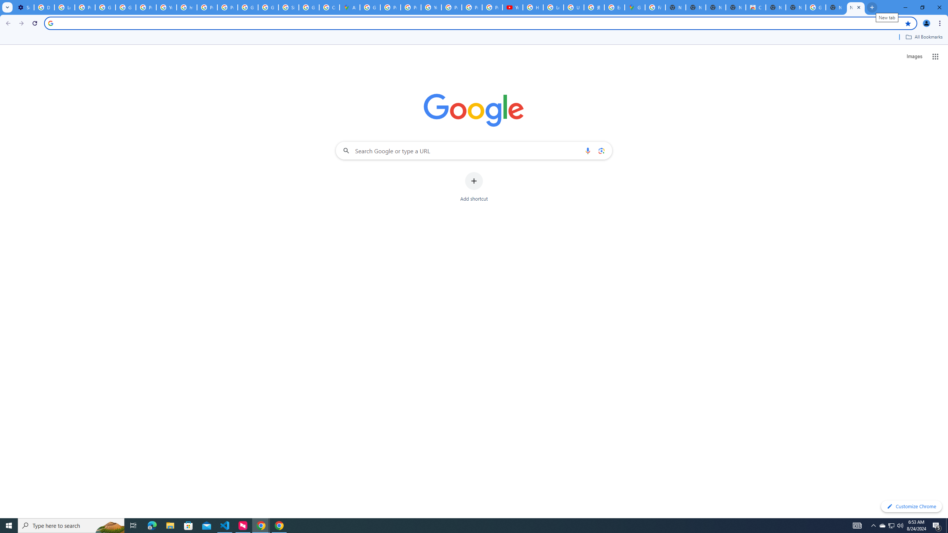 Image resolution: width=948 pixels, height=533 pixels. Describe the element at coordinates (474, 150) in the screenshot. I see `'Search Google or type a URL'` at that location.